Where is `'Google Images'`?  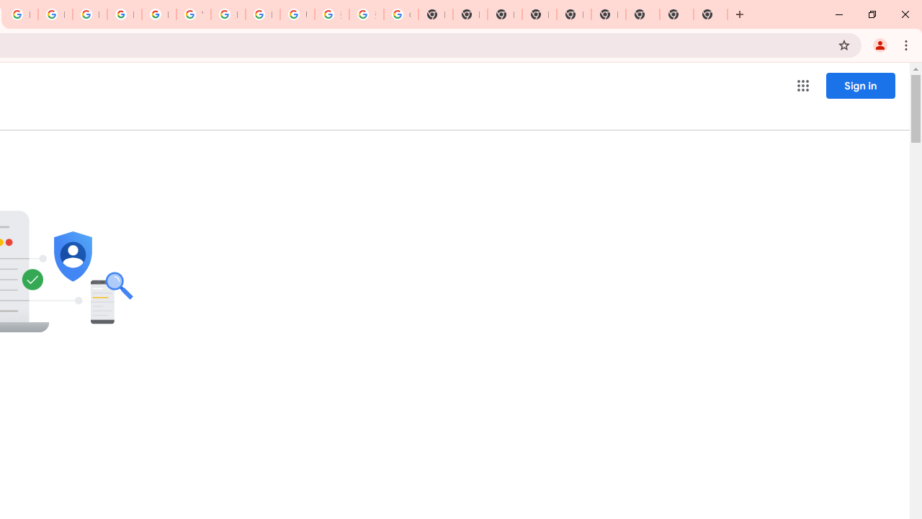 'Google Images' is located at coordinates (400, 14).